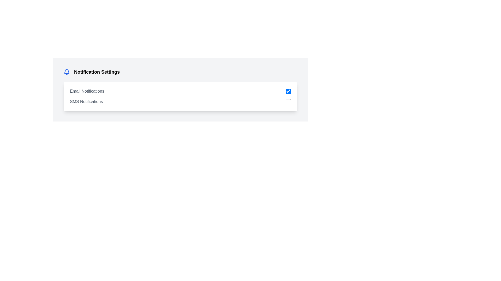 This screenshot has width=501, height=281. Describe the element at coordinates (288, 91) in the screenshot. I see `the square-shaped checkbox with a blue background and a white checkmark to unmark it, located to the right of the 'Email Notifications' label` at that location.